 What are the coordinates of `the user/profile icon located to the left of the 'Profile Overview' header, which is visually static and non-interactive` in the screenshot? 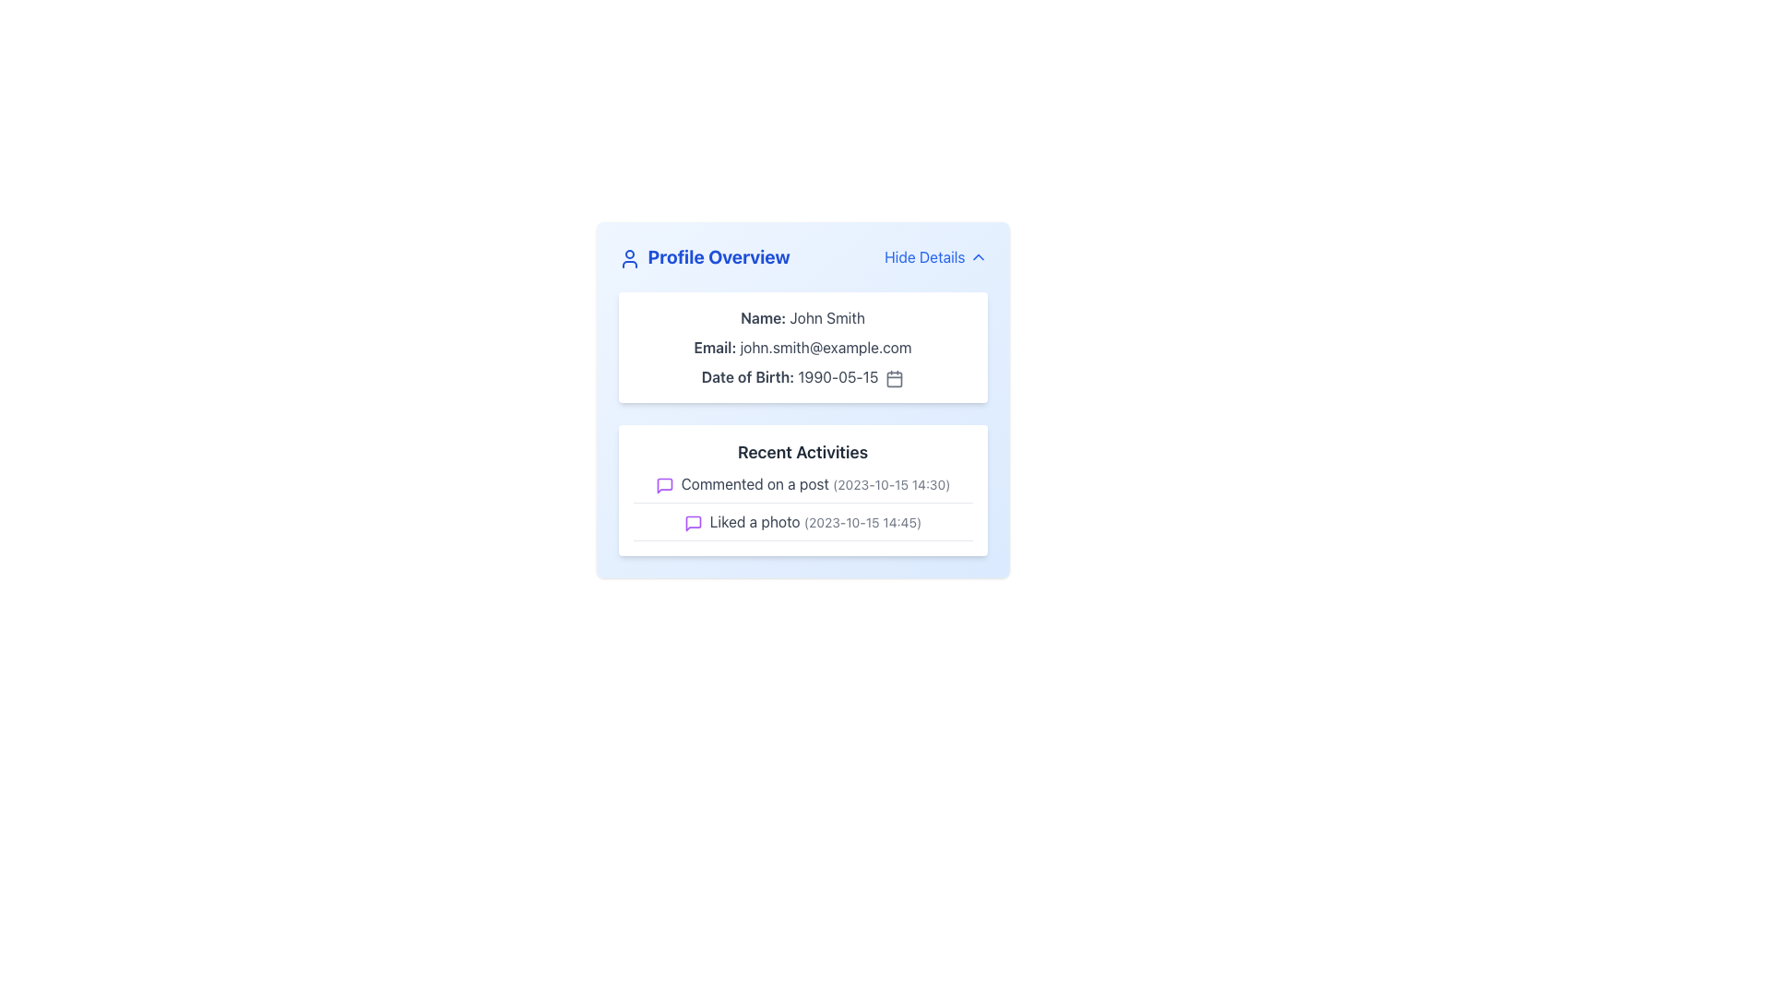 It's located at (629, 258).